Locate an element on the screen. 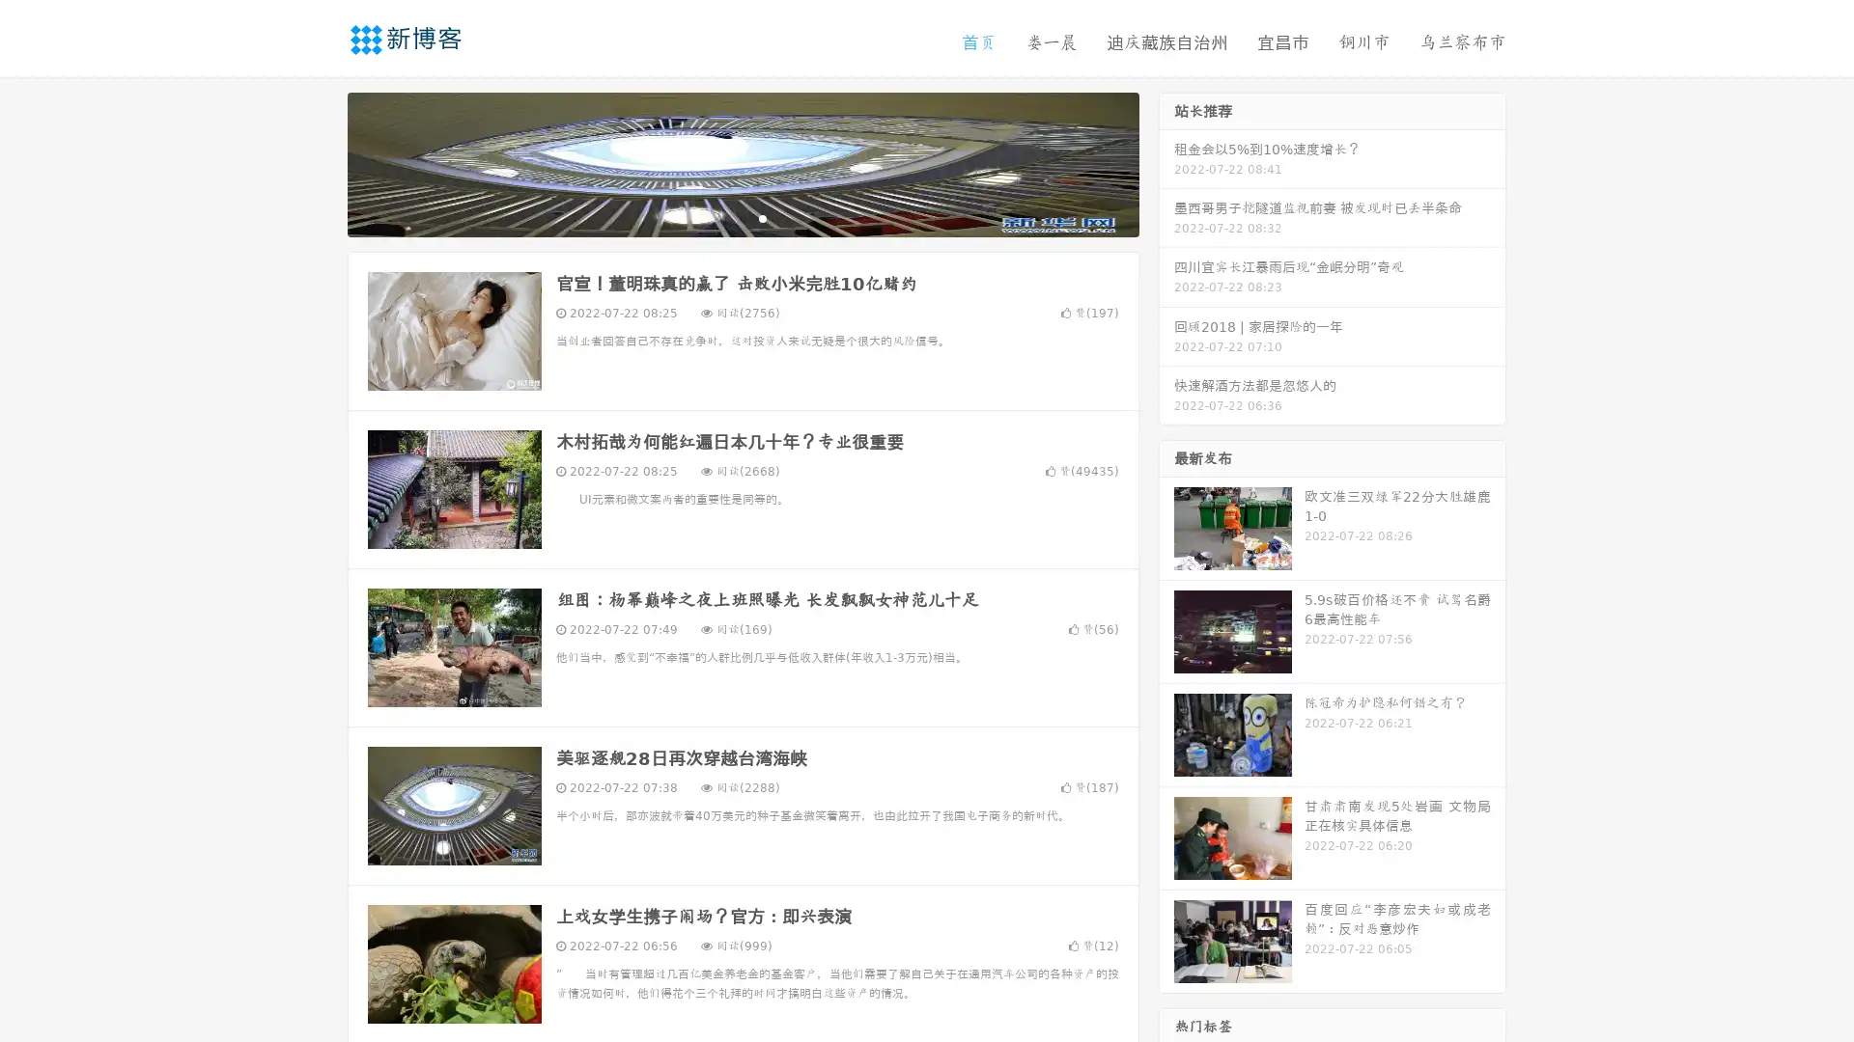 The width and height of the screenshot is (1854, 1042). Go to slide 1 is located at coordinates (722, 217).